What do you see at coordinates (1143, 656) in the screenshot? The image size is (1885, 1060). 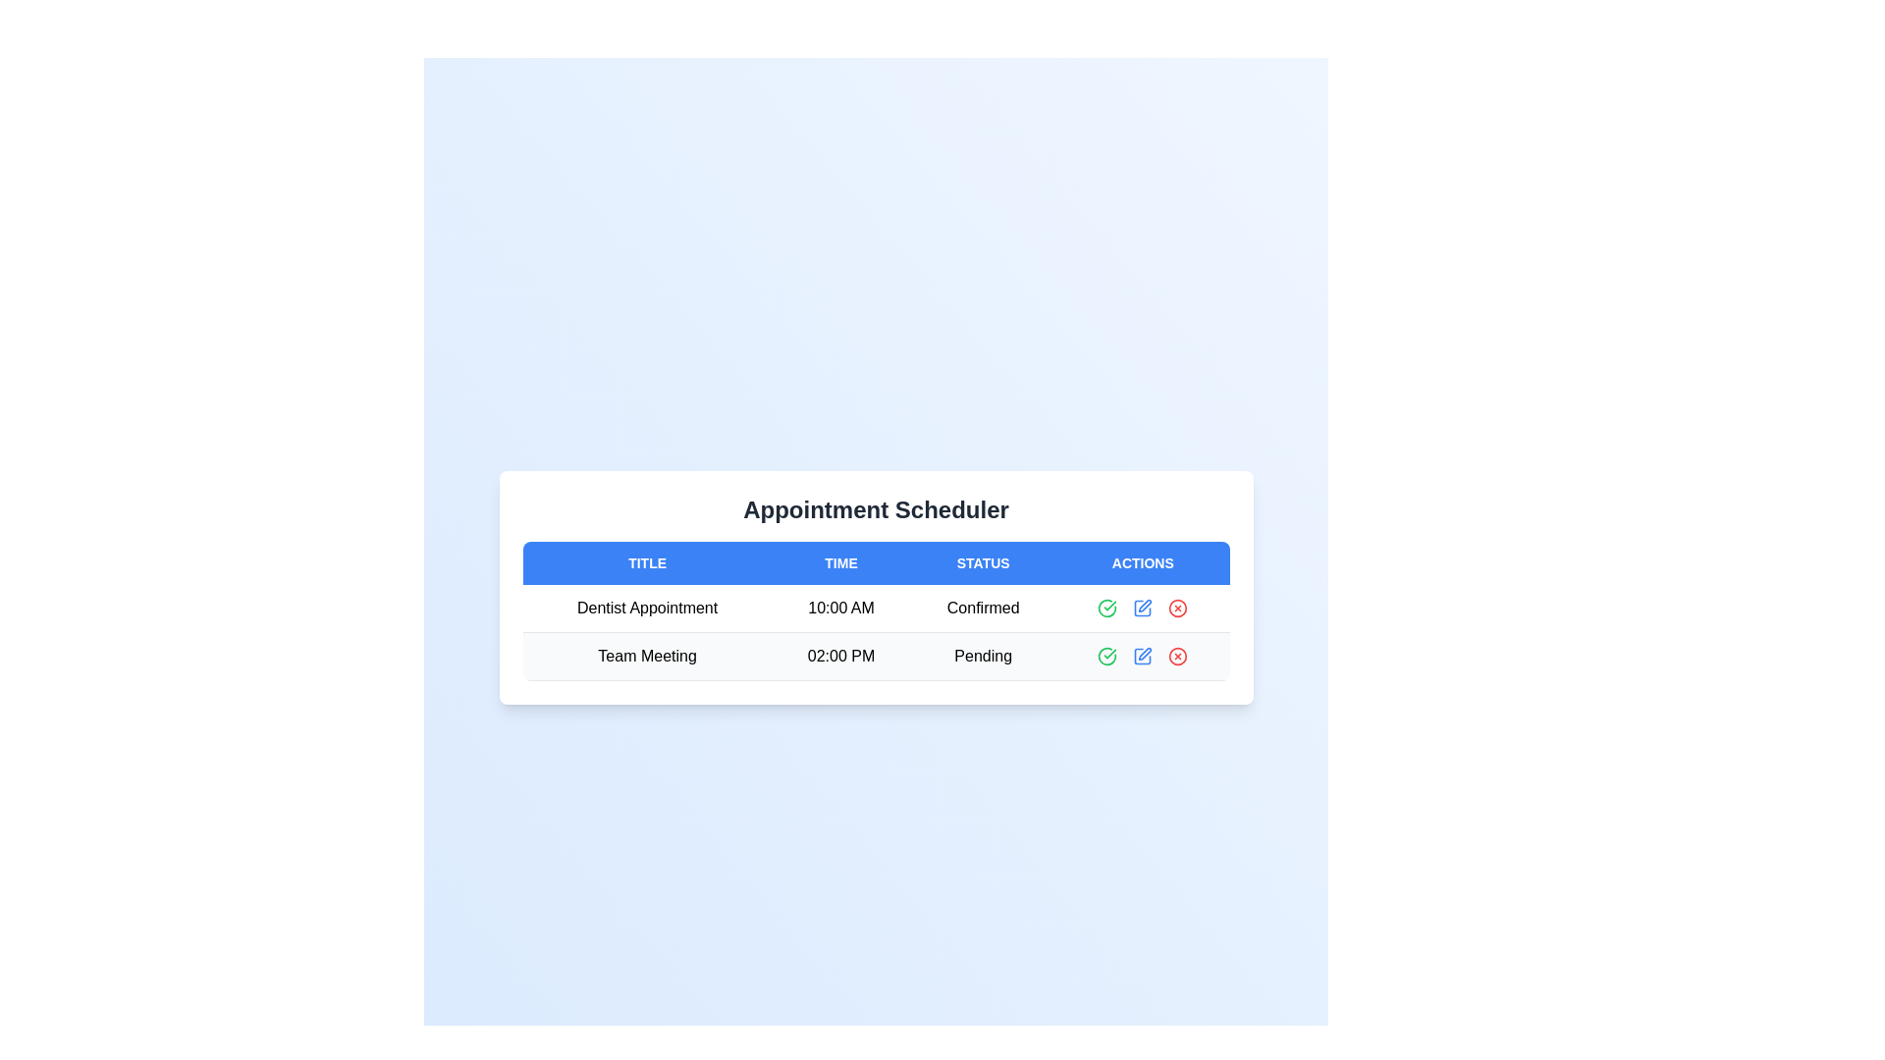 I see `the blue pencil icon button in the 'Actions' column of the 'Team Meeting' row` at bounding box center [1143, 656].